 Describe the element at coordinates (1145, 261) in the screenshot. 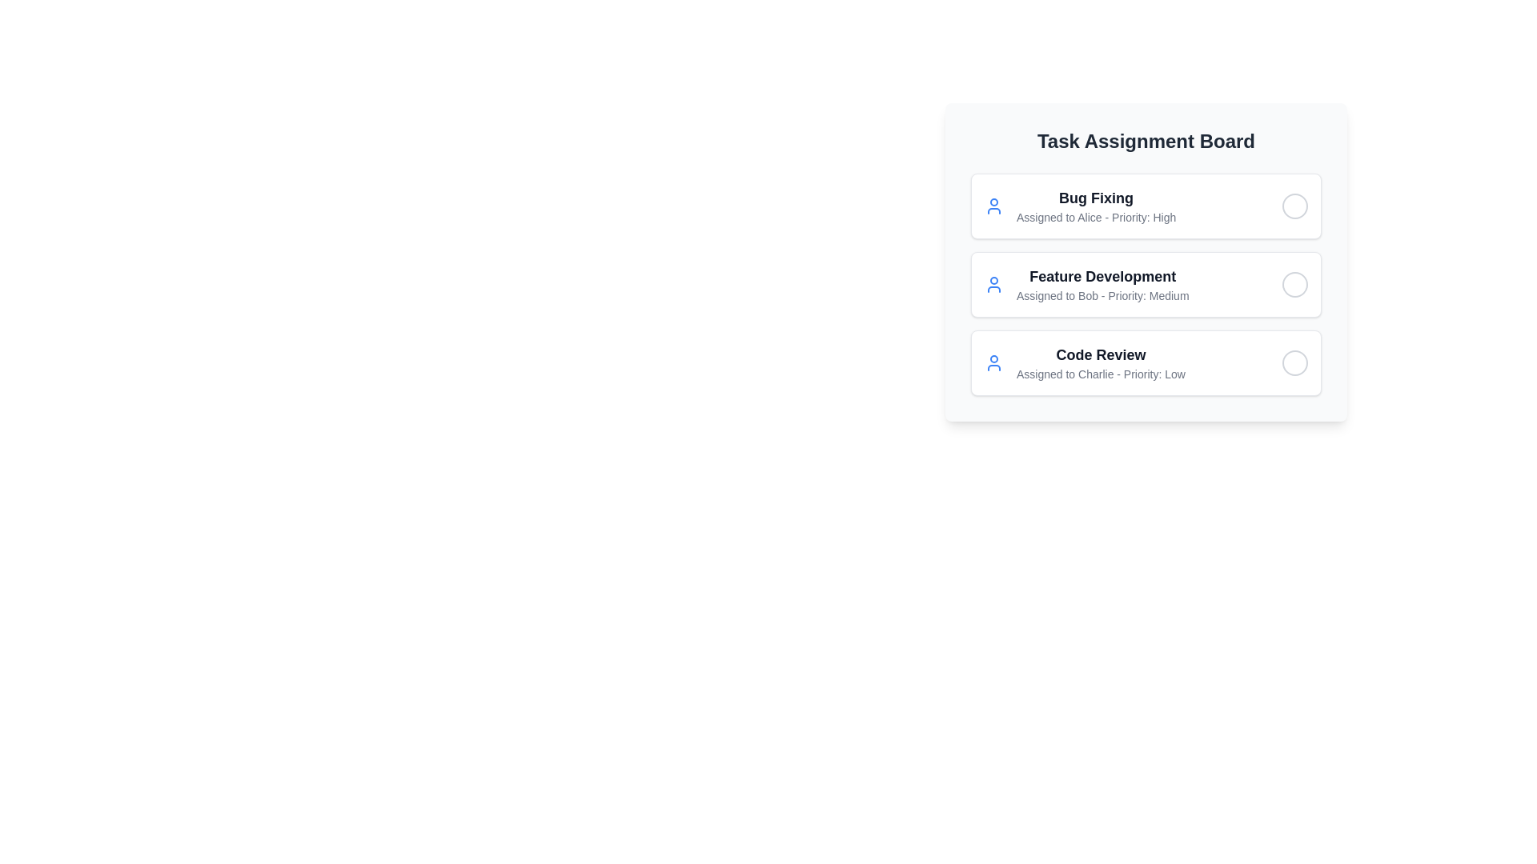

I see `the second task card in the task management application, located centrally between 'Bug Fixing' and 'Code Review'` at that location.